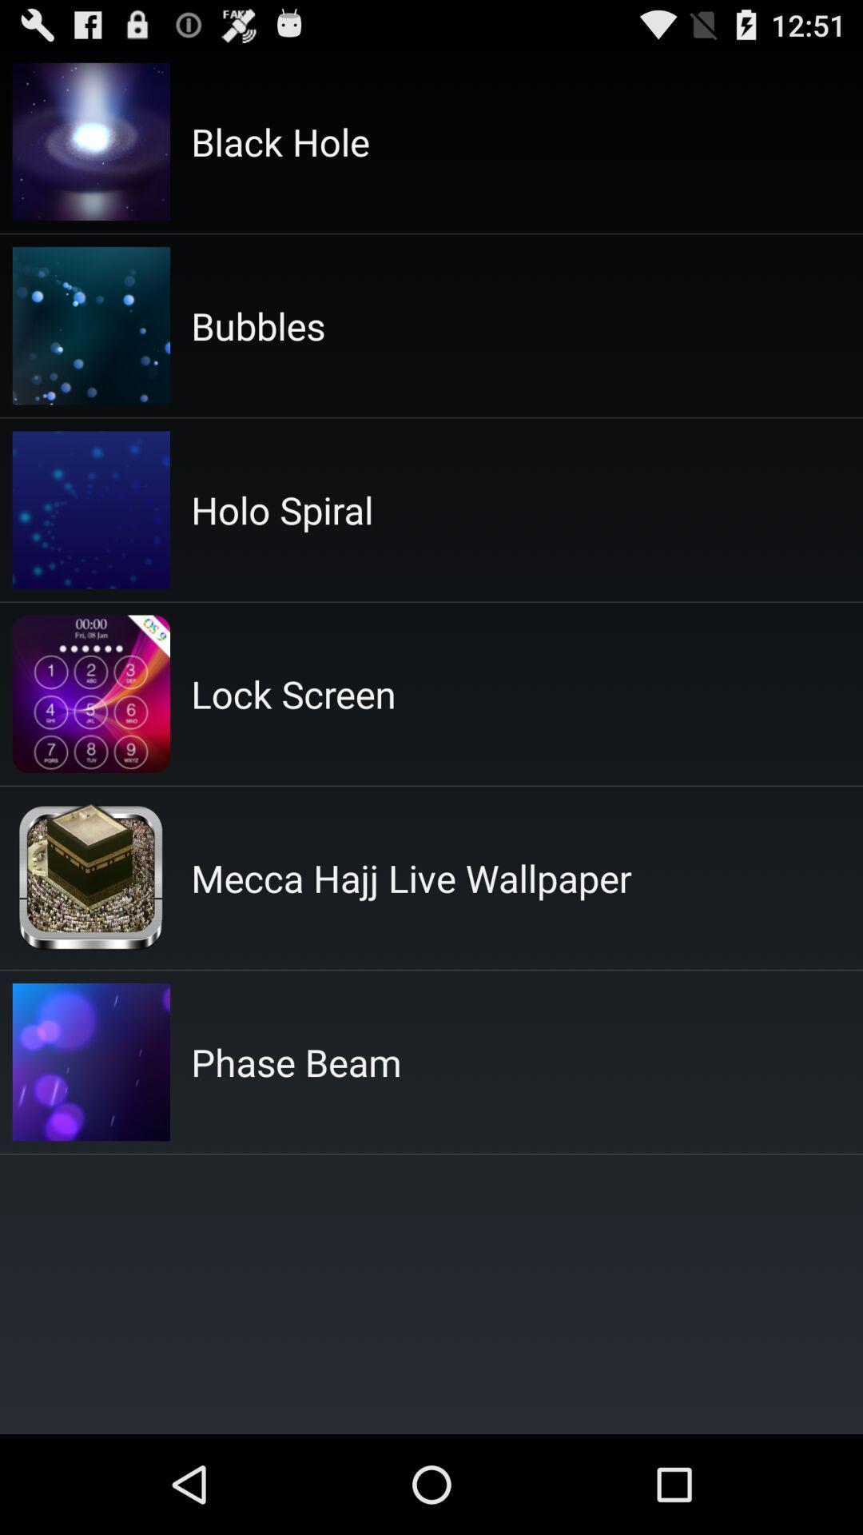 This screenshot has width=863, height=1535. What do you see at coordinates (257, 325) in the screenshot?
I see `the icon below black hole` at bounding box center [257, 325].